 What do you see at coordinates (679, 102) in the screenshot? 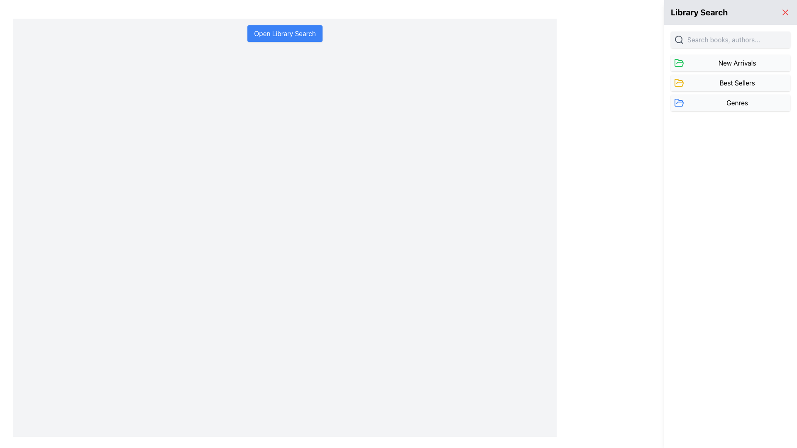
I see `the blue folder icon with a rounded top edge located in the 'Library Search' sidebar, positioned to the left of the 'New Arrivals' button` at bounding box center [679, 102].